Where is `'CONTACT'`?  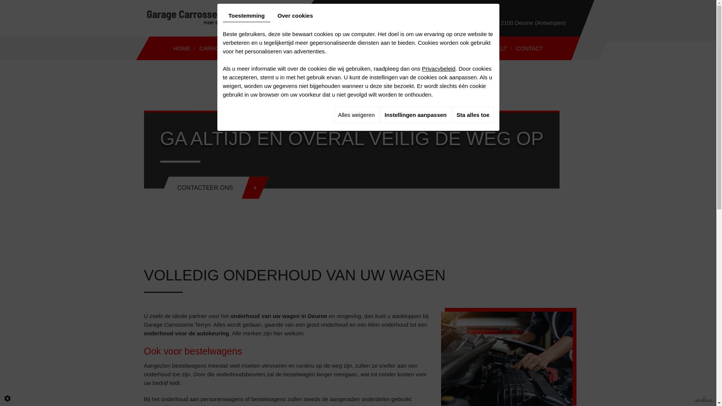 'CONTACT' is located at coordinates (529, 48).